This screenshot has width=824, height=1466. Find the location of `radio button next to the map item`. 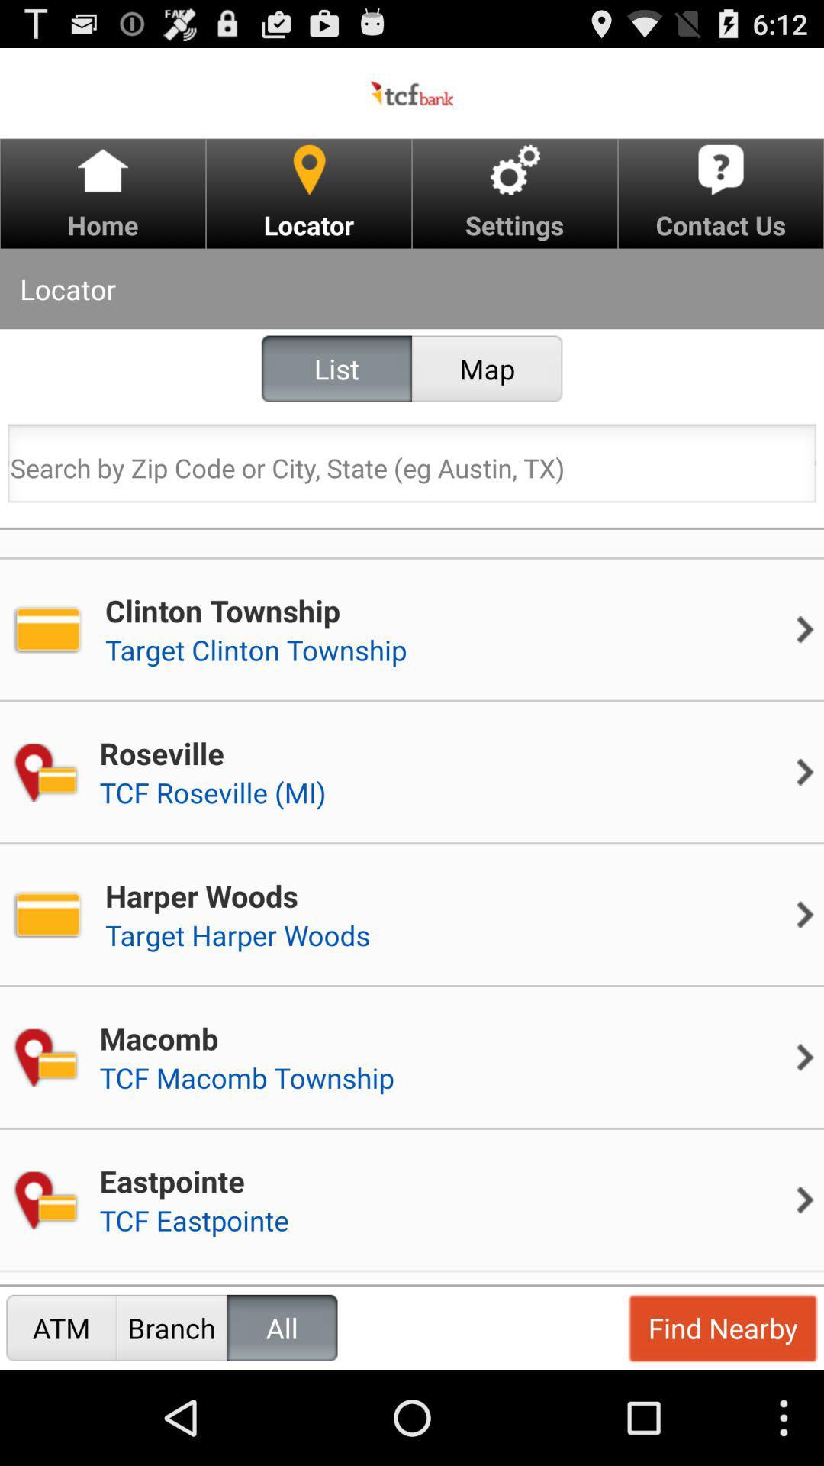

radio button next to the map item is located at coordinates (336, 369).